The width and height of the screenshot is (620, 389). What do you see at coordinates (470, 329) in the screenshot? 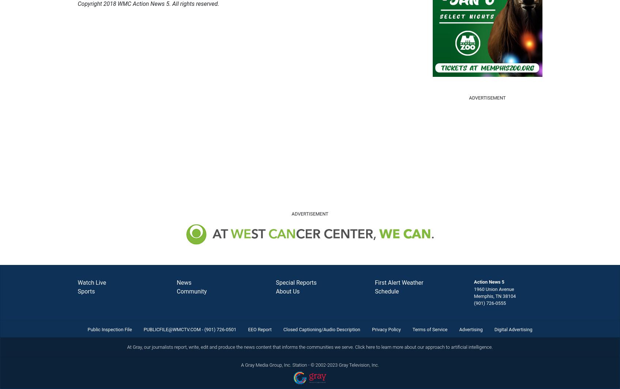
I see `'Advertising'` at bounding box center [470, 329].